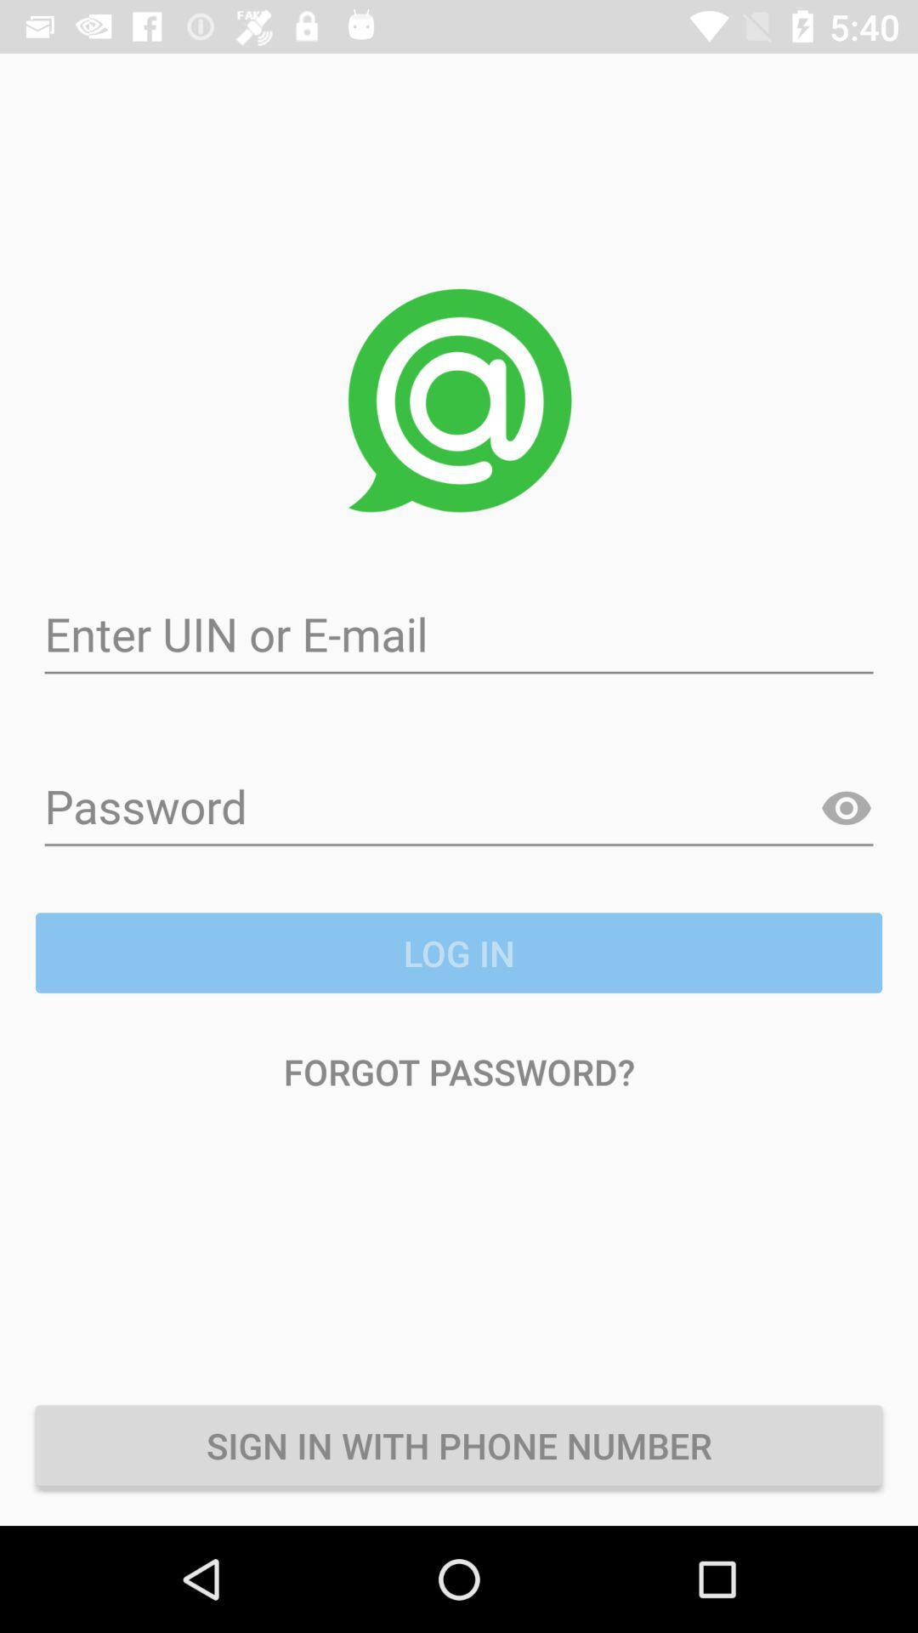  What do you see at coordinates (459, 953) in the screenshot?
I see `the log in` at bounding box center [459, 953].